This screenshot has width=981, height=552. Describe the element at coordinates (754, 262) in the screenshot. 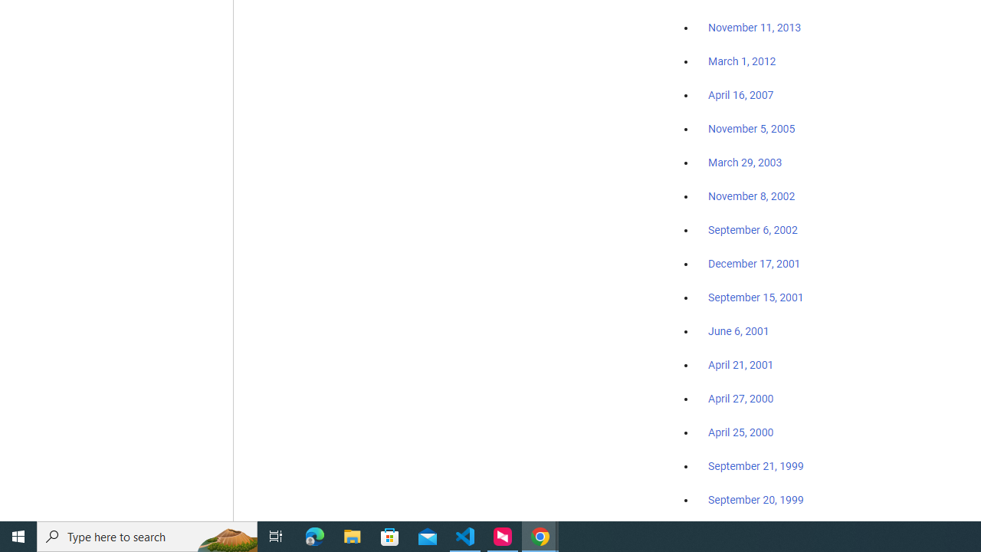

I see `'December 17, 2001'` at that location.